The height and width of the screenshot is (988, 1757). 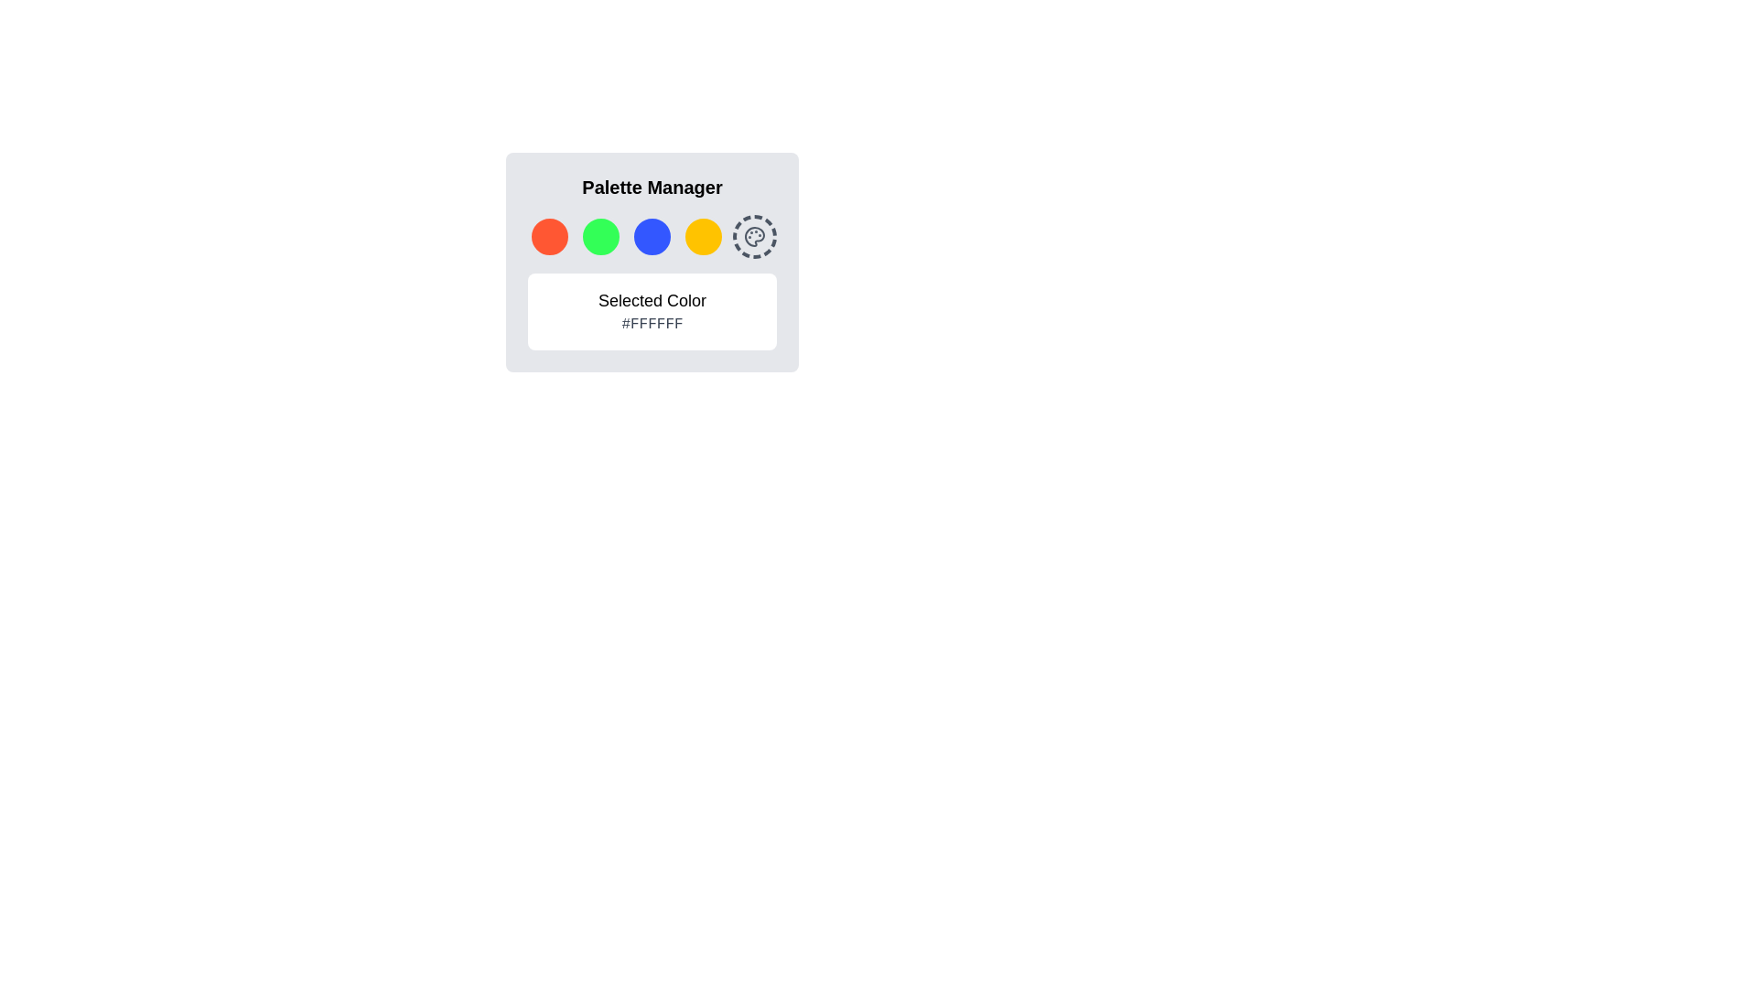 I want to click on the center of the palette icon element located in the top-right section of the interface, which represents artistic functionalities, so click(x=755, y=235).